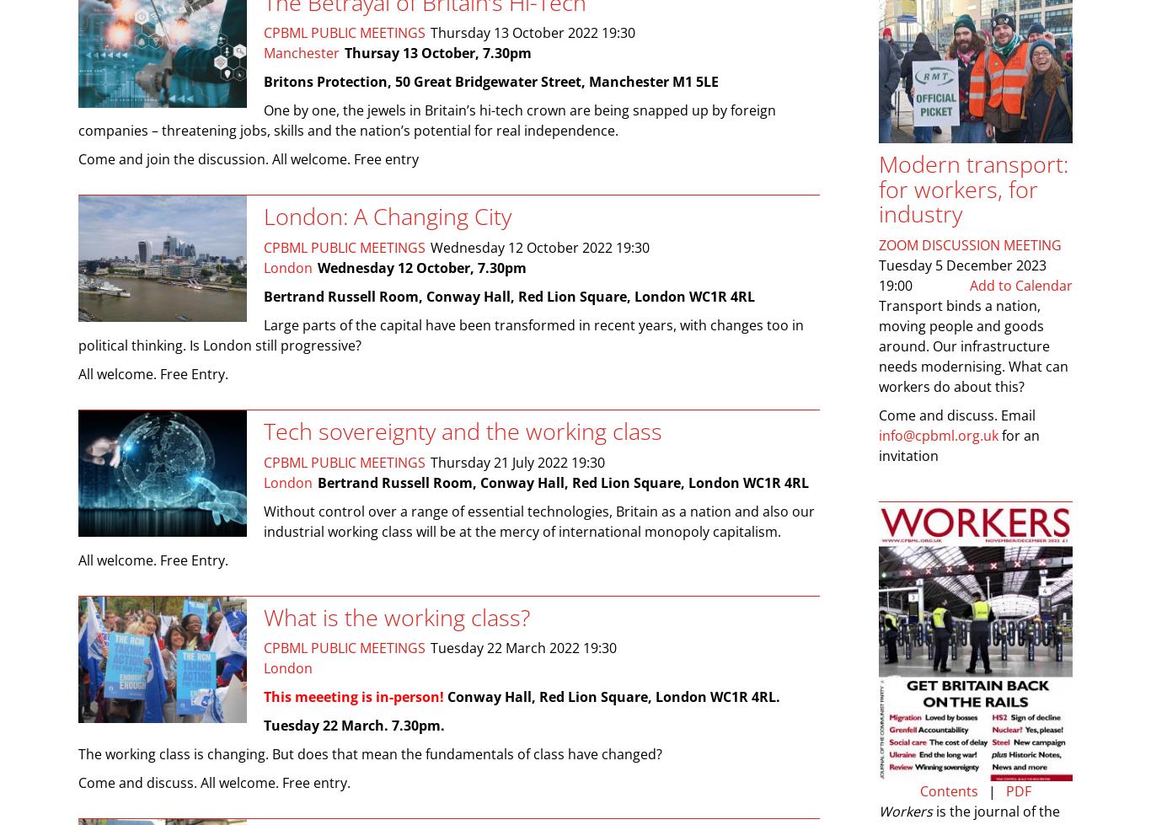 The image size is (1151, 825). Describe the element at coordinates (422, 267) in the screenshot. I see `'Wednesday 12 October, 7.30pm'` at that location.